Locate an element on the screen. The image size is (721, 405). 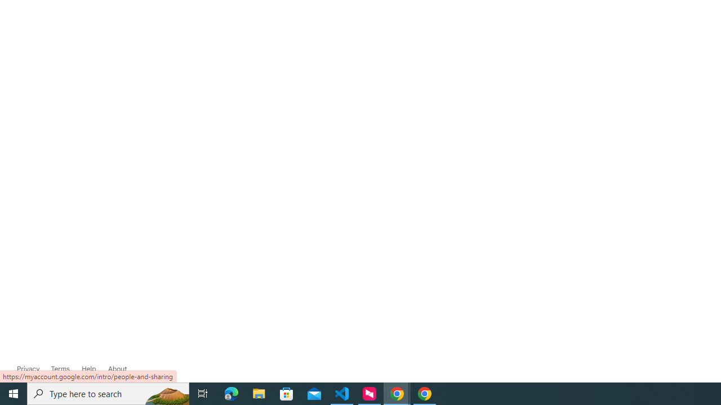
'Learn more about Google Account' is located at coordinates (117, 368).